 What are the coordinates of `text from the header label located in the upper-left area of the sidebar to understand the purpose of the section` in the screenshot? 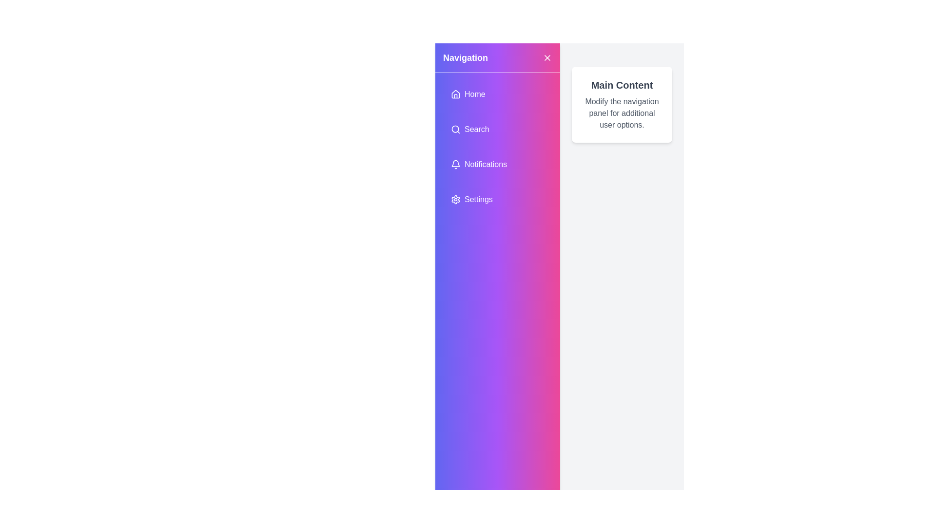 It's located at (465, 58).